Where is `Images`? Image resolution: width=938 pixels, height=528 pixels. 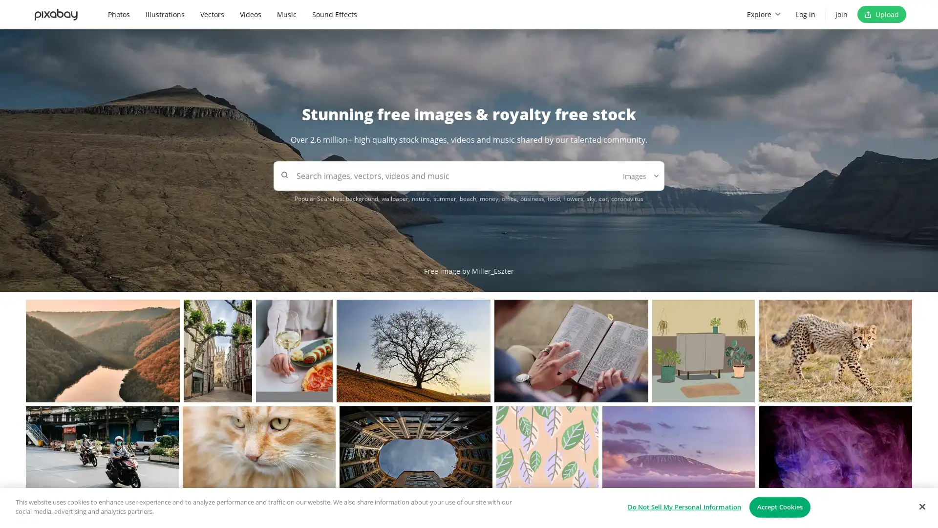 Images is located at coordinates (640, 175).